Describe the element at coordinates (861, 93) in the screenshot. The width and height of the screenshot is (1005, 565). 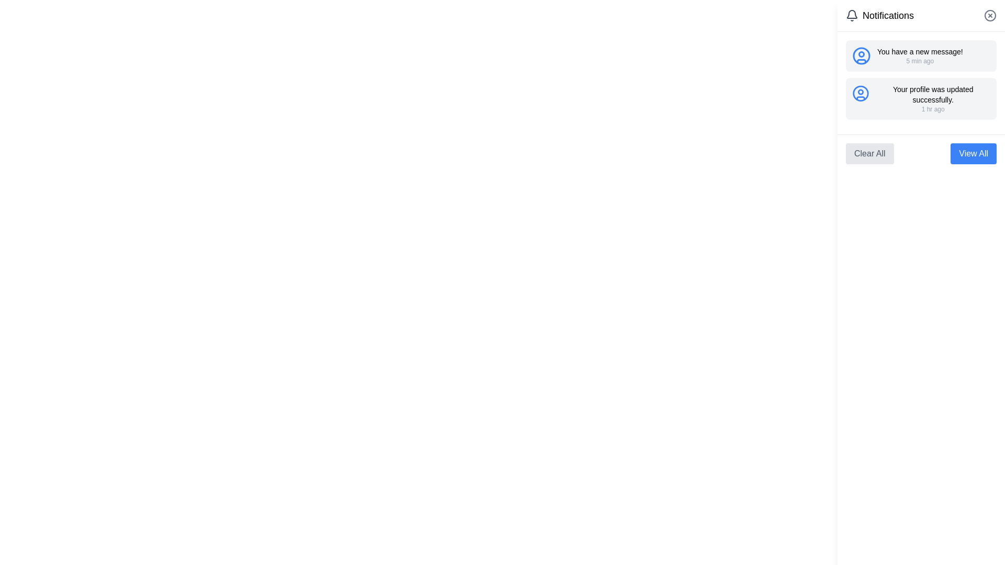
I see `the Decorative Icon located to the far left of the second notification item in the notification panel, which represents the user's profile or activity before the text 'Your profile was updated successfully. 1 hr ago'` at that location.